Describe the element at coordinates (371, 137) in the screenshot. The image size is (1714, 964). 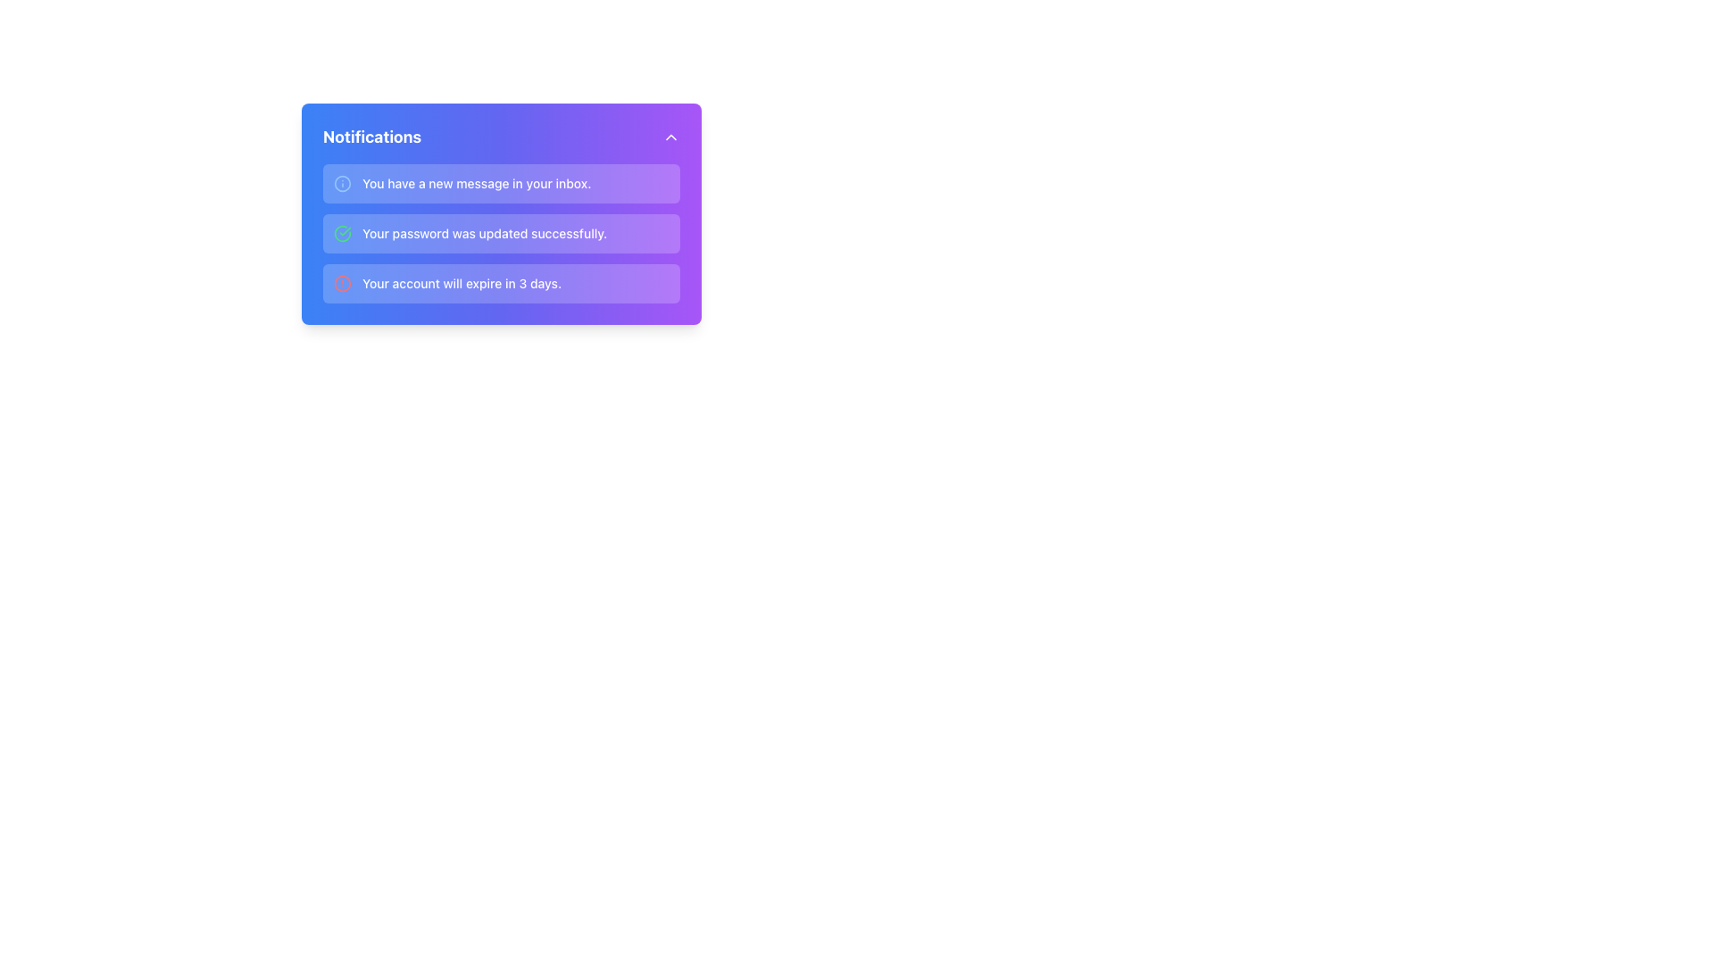
I see `the heading label 'Notifications', which is displayed in bold white text against a vibrant purple-blue gradient background, located at the top-left of the notification card` at that location.